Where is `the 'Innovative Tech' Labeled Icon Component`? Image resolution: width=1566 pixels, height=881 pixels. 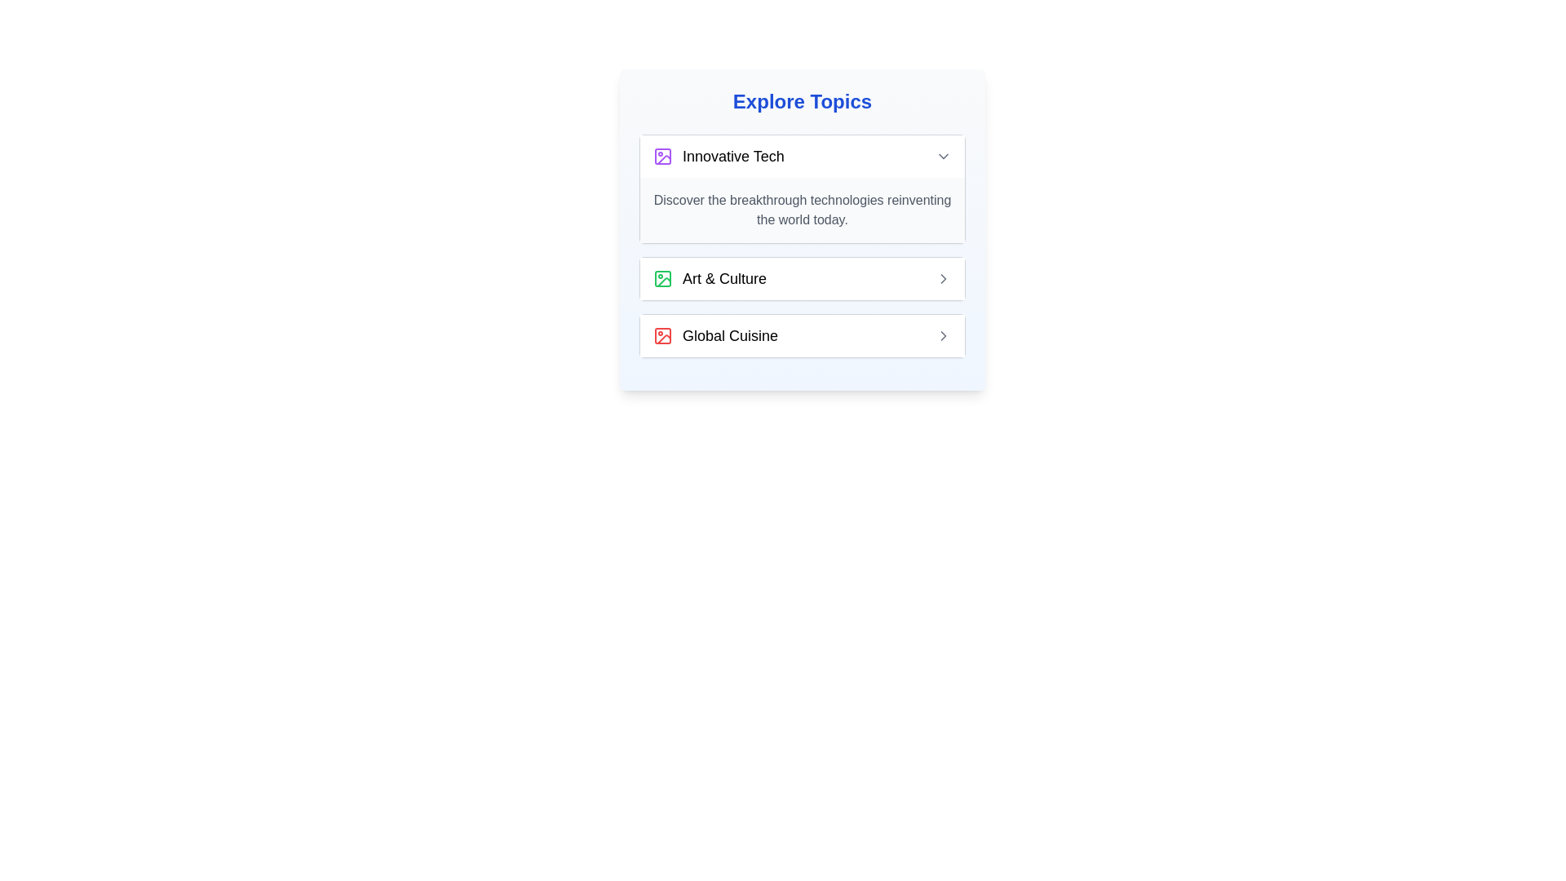 the 'Innovative Tech' Labeled Icon Component is located at coordinates (718, 157).